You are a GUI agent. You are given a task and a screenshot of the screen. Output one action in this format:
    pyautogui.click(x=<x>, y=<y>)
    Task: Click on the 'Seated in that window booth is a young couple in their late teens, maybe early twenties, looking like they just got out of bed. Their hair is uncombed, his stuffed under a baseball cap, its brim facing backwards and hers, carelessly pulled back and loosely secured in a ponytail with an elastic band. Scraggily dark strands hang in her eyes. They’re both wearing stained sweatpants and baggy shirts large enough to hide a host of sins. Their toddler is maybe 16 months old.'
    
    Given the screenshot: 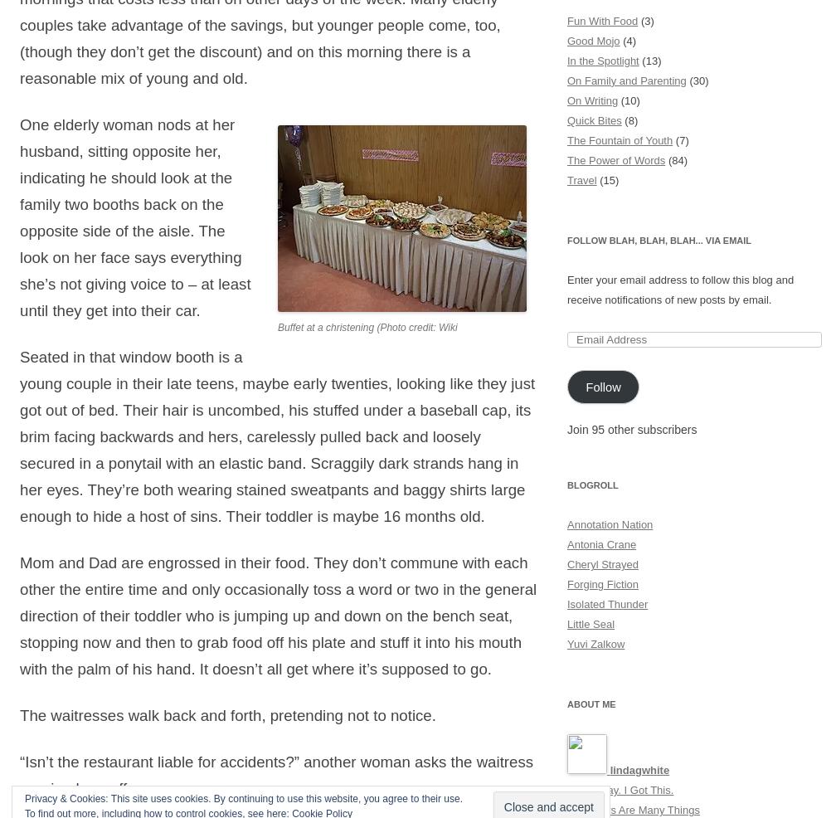 What is the action you would take?
    pyautogui.click(x=277, y=436)
    